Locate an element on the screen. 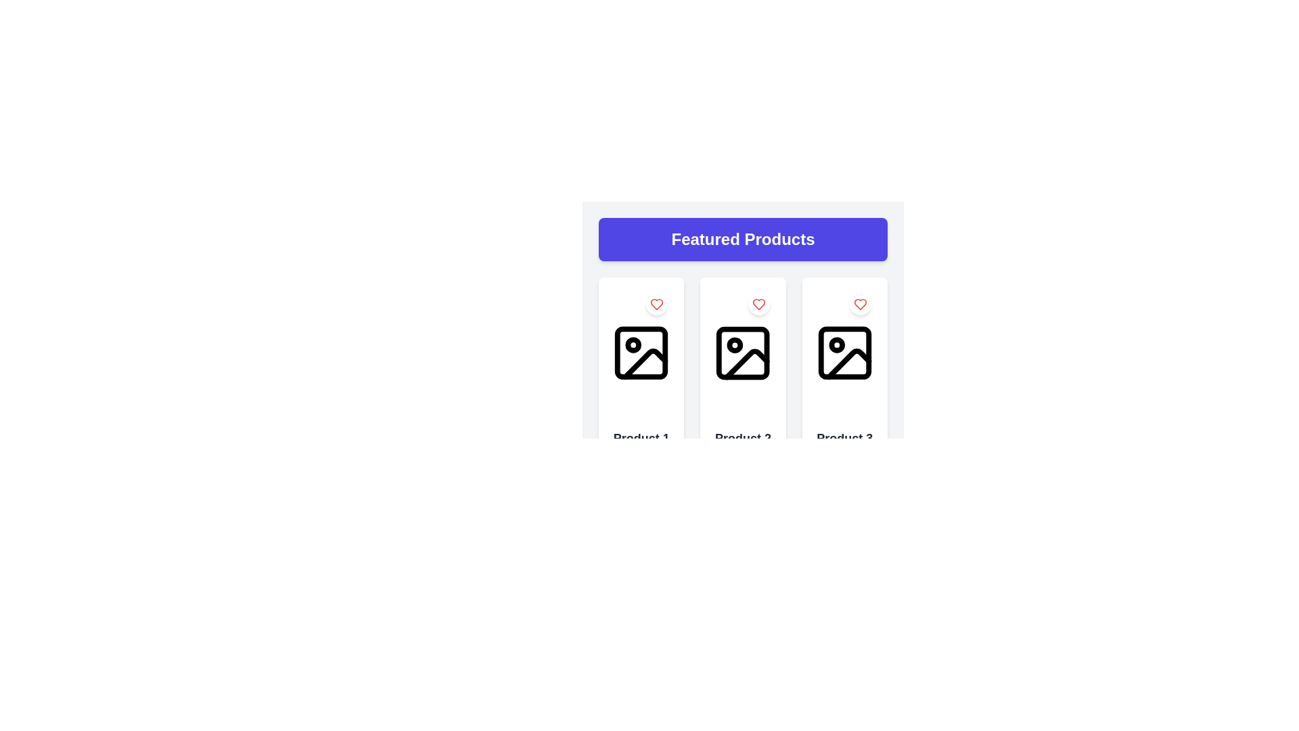 This screenshot has width=1299, height=731. text 'Product 2' located at the center of the second product card in the grid of 'Featured Products.' is located at coordinates (742, 439).